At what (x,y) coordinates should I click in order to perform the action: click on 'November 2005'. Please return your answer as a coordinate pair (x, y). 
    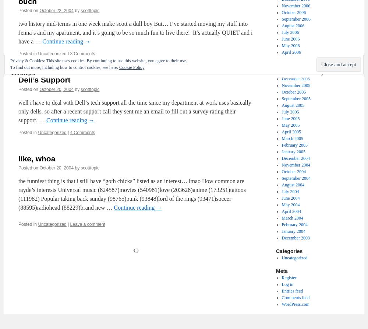
    Looking at the image, I should click on (282, 85).